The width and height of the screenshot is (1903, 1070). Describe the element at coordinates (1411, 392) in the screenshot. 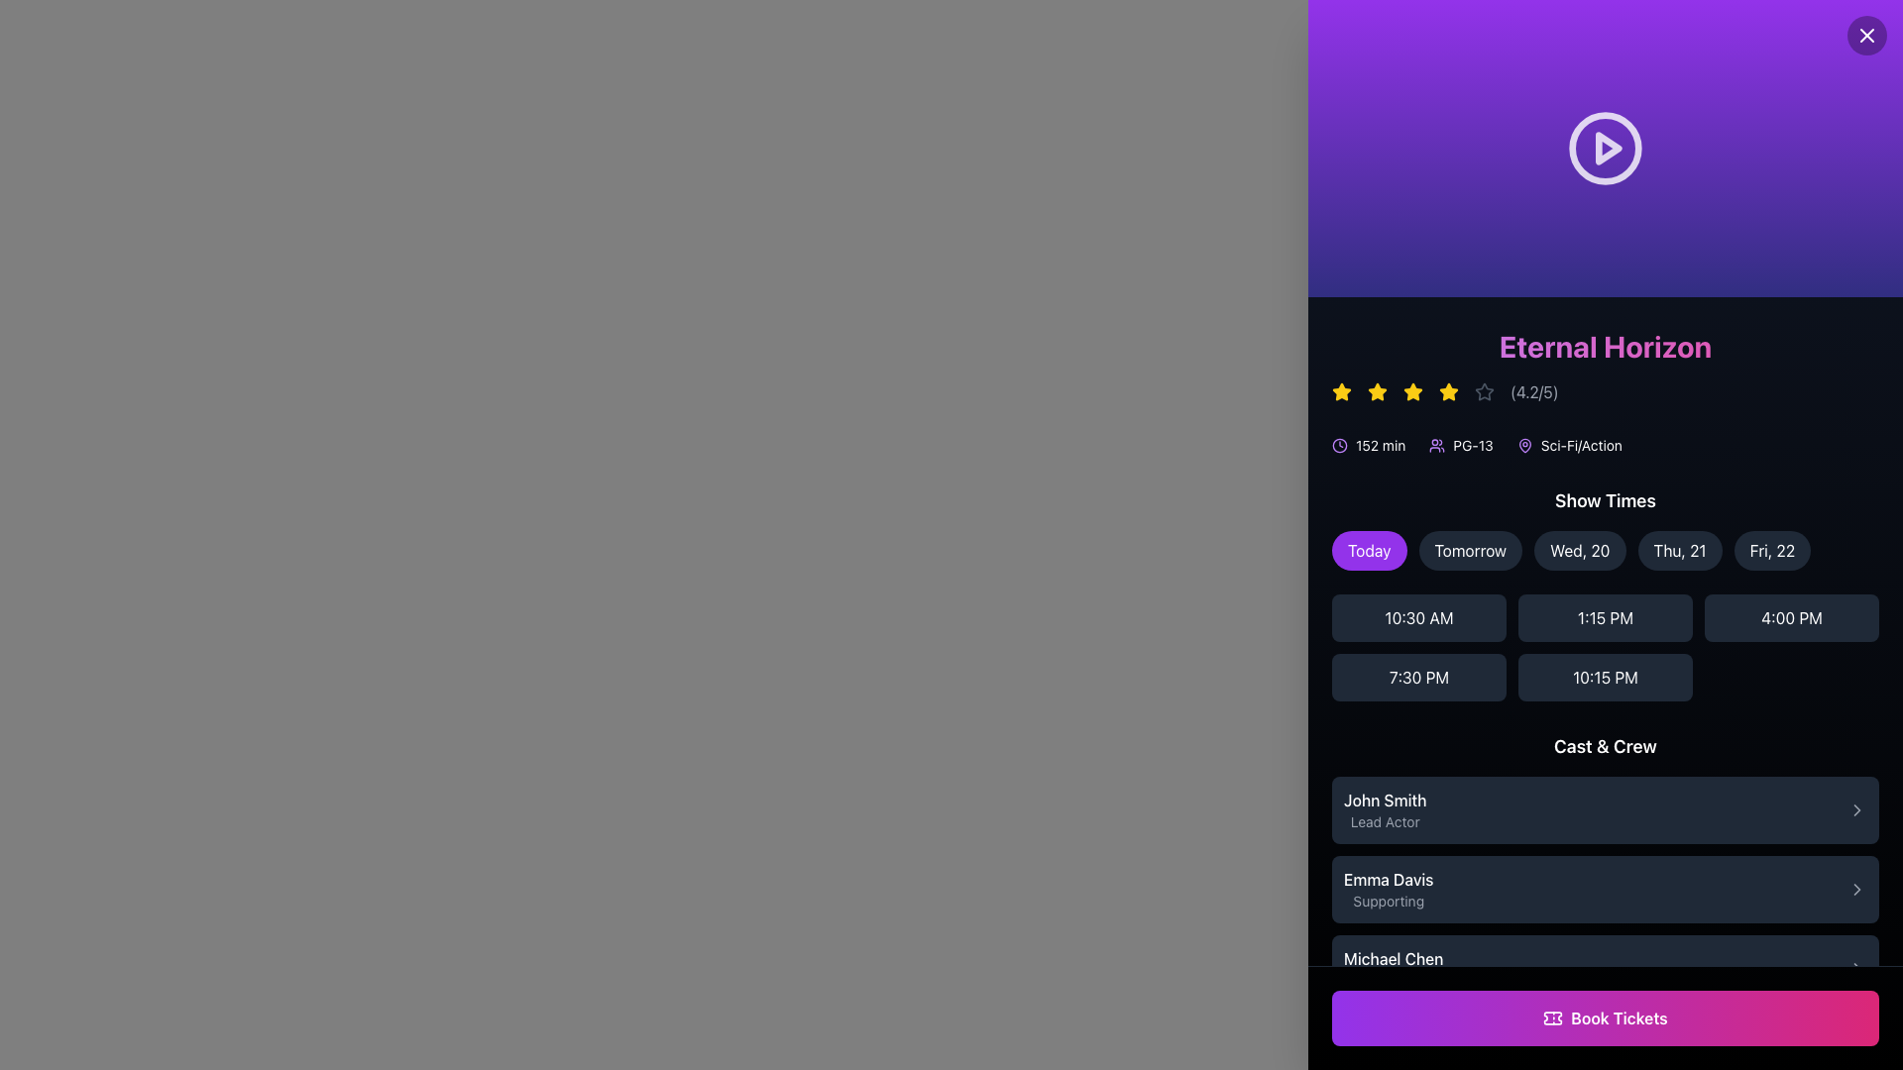

I see `the fourth star icon in the rating system, positioned between the third and fifth stars` at that location.